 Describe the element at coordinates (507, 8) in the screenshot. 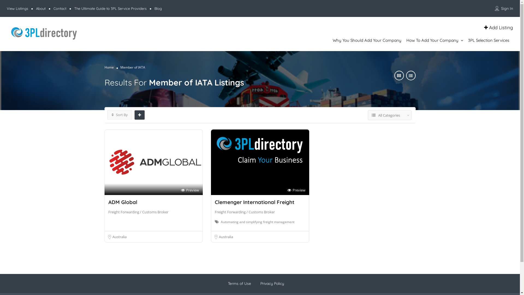

I see `'Sign In'` at that location.